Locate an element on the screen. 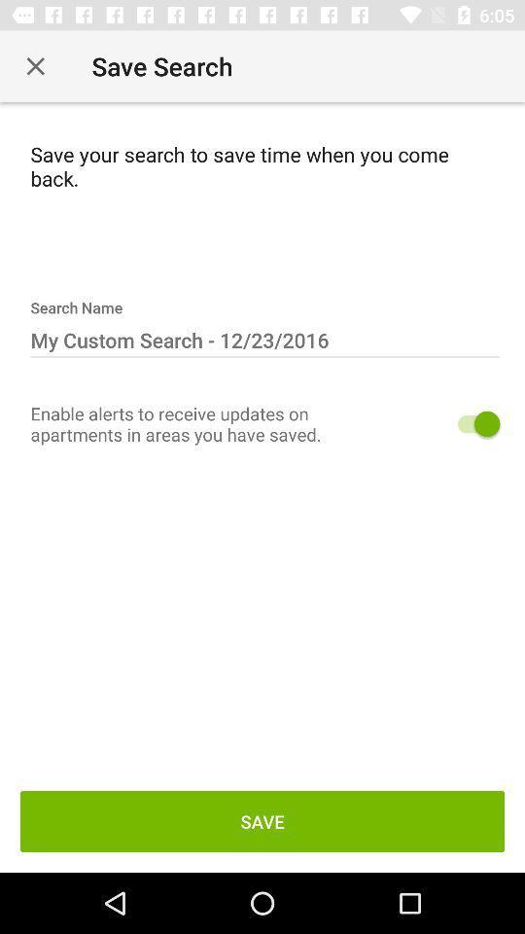  window is located at coordinates (35, 66).